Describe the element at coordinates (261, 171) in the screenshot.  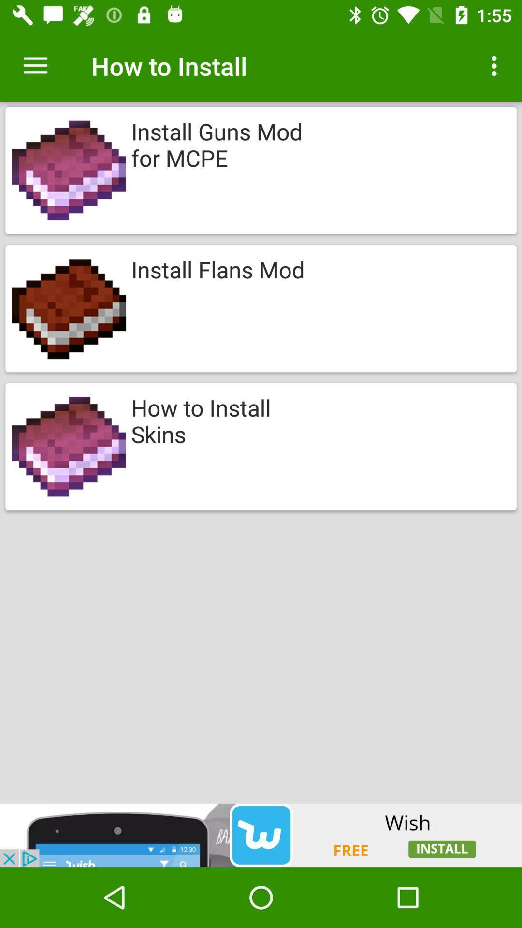
I see `the first image below how to install` at that location.